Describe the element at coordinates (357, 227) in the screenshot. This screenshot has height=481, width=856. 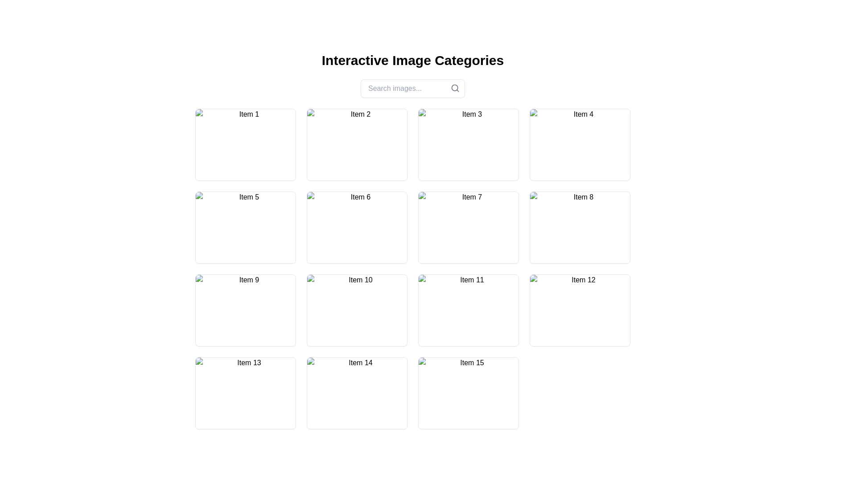
I see `the 'Item 6' image element located in the sixth cell of the grid layout to interact with it` at that location.